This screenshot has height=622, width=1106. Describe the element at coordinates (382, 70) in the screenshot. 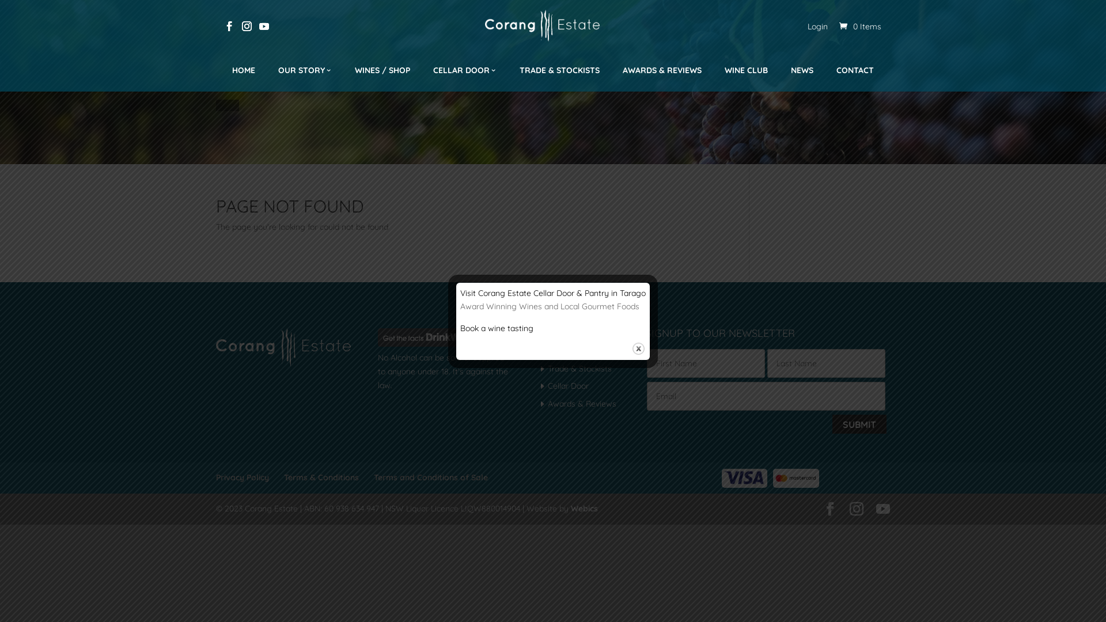

I see `'WINES / SHOP'` at that location.